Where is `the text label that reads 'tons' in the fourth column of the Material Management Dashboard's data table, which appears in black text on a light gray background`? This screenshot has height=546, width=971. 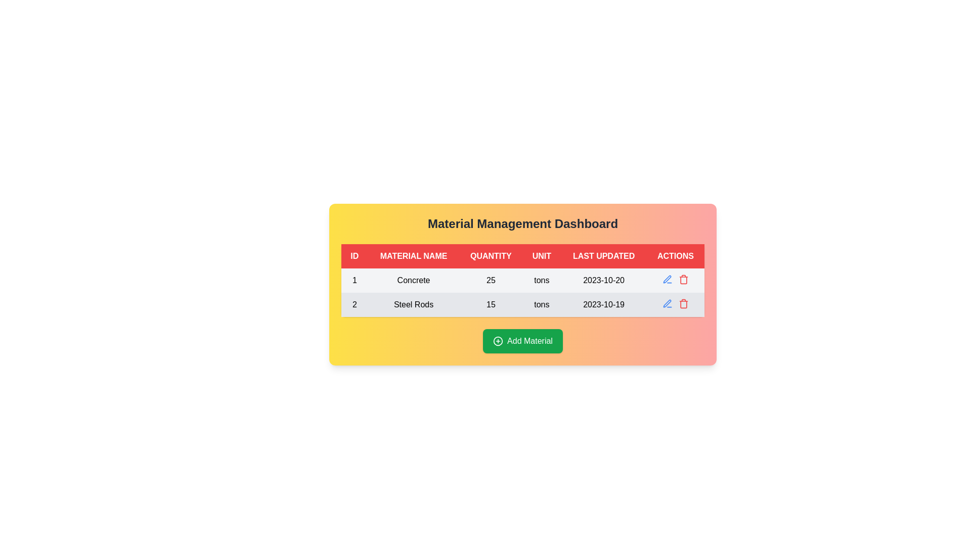 the text label that reads 'tons' in the fourth column of the Material Management Dashboard's data table, which appears in black text on a light gray background is located at coordinates (541, 281).